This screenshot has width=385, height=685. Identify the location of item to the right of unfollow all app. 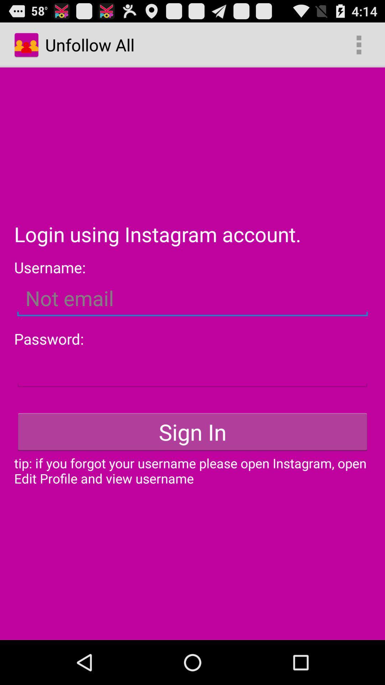
(359, 44).